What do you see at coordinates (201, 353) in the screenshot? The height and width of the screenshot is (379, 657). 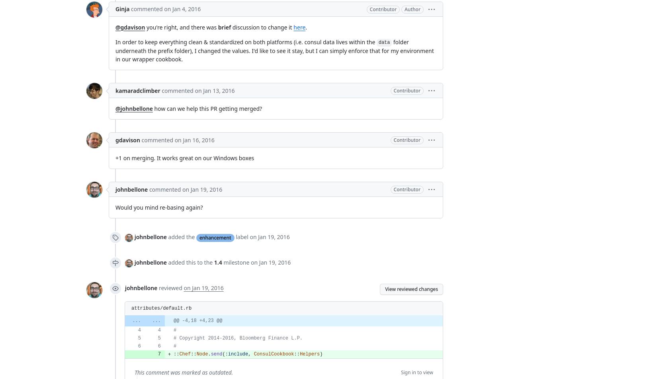 I see `'Node'` at bounding box center [201, 353].